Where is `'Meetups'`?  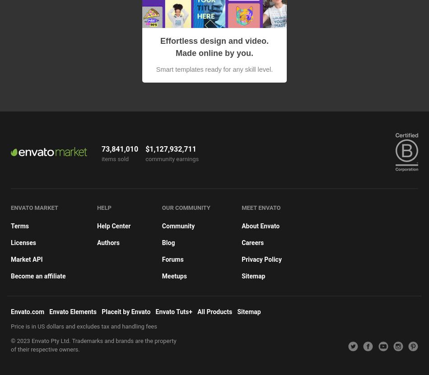
'Meetups' is located at coordinates (173, 276).